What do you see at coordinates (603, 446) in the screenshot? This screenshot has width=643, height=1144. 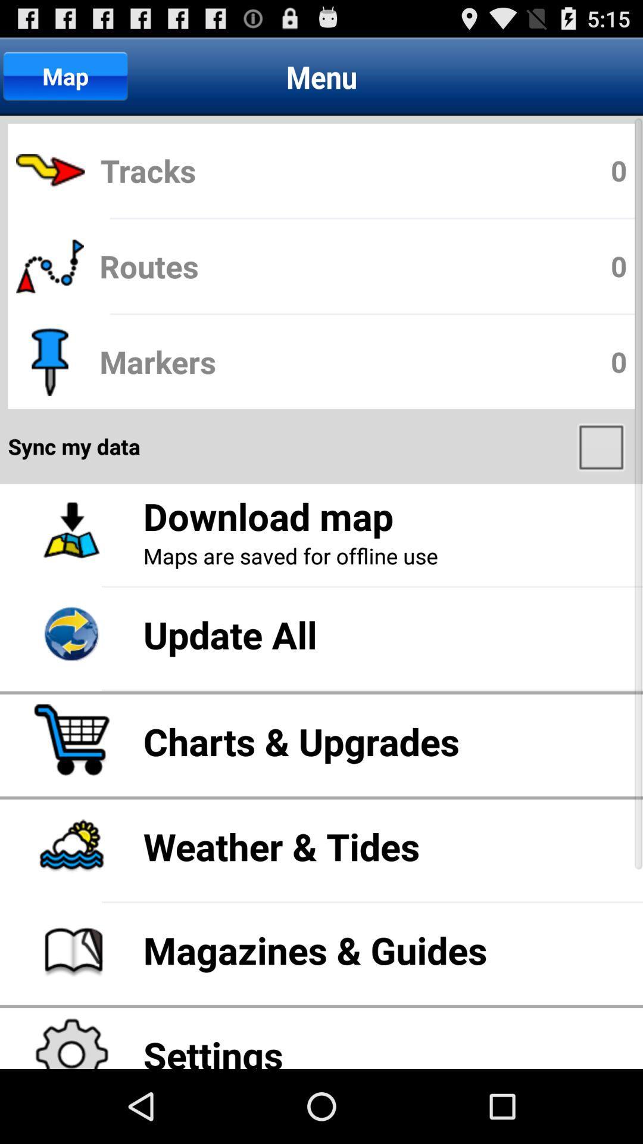 I see `the app next to the sync my data item` at bounding box center [603, 446].